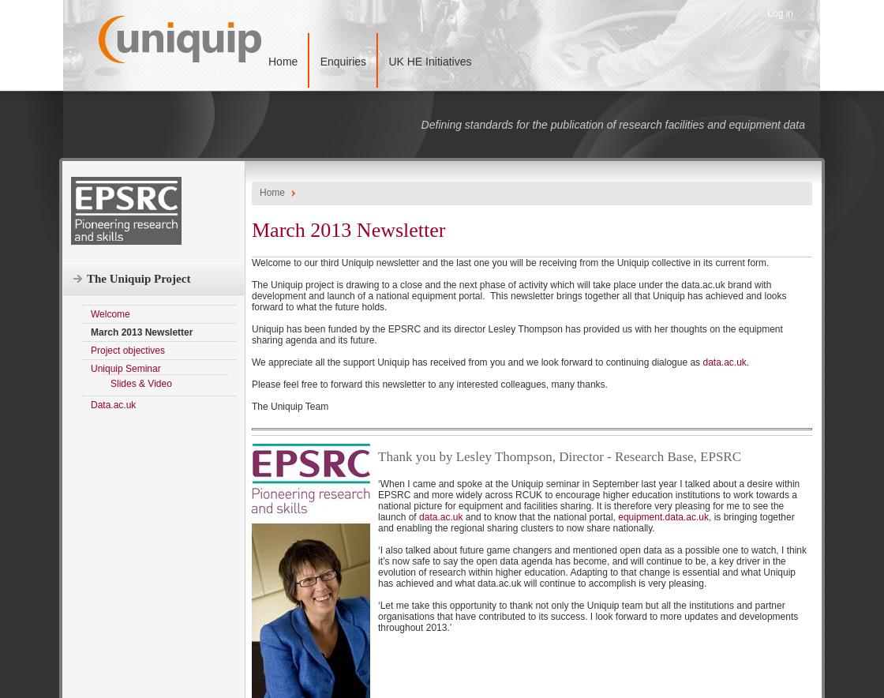 The width and height of the screenshot is (884, 698). What do you see at coordinates (290, 404) in the screenshot?
I see `'The Uniquip Team'` at bounding box center [290, 404].